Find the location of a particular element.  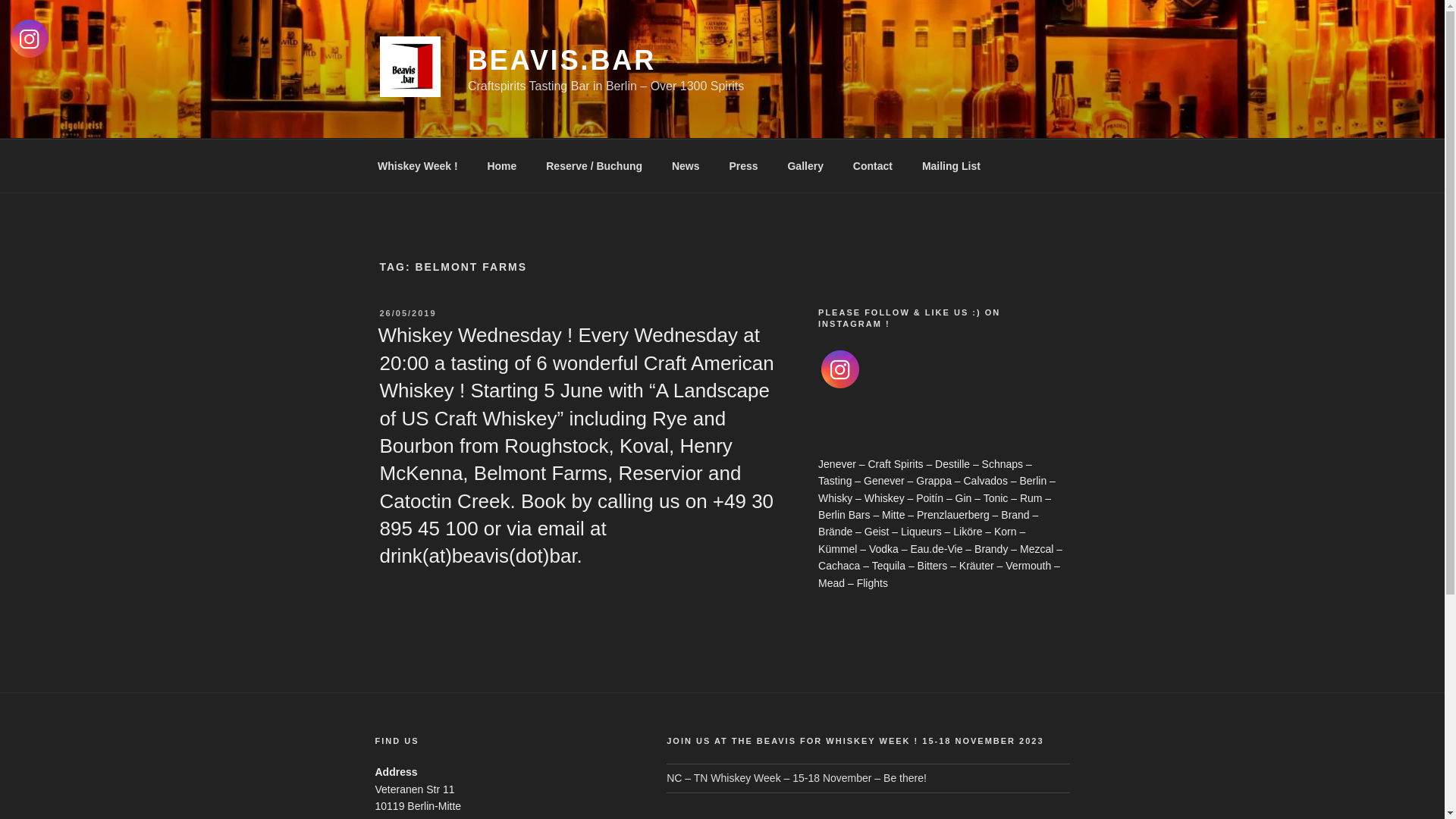

'BEAVIS.BAR' is located at coordinates (467, 59).